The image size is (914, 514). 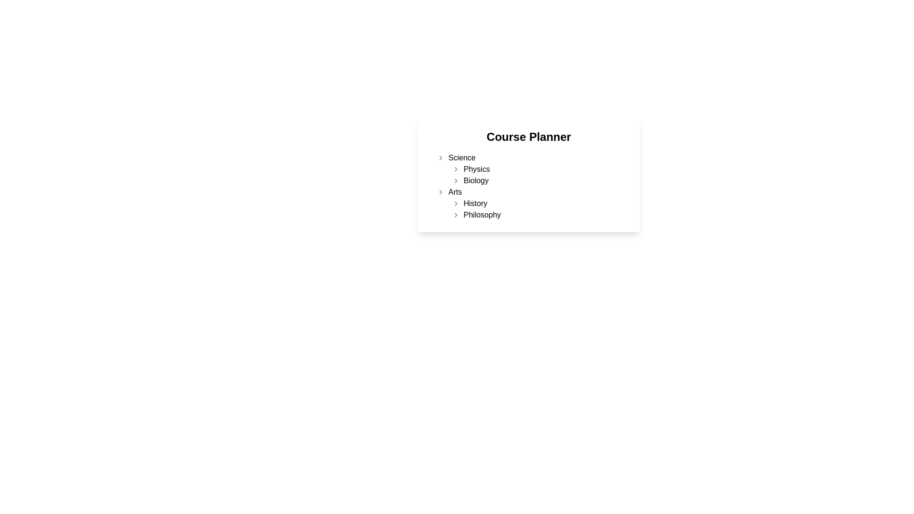 What do you see at coordinates (440, 157) in the screenshot?
I see `the Chevron Icon located in the top-left area of the list under 'Course Planner' to potentially see a tooltip` at bounding box center [440, 157].